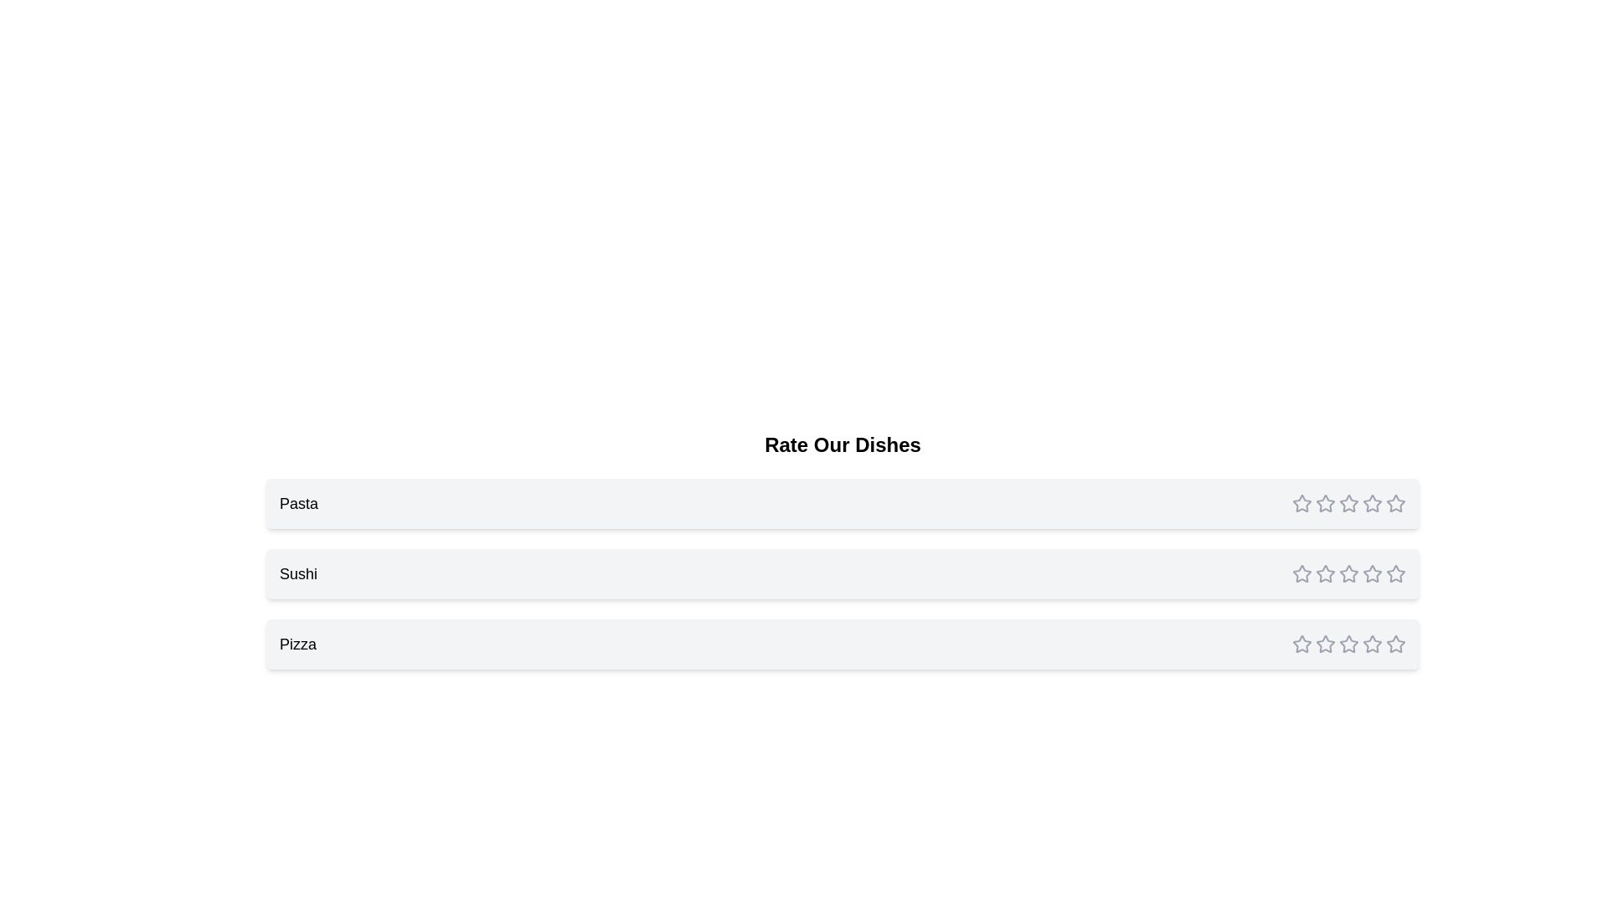 This screenshot has height=904, width=1608. Describe the element at coordinates (1349, 502) in the screenshot. I see `the third star icon in the 'Pasta' rating component` at that location.